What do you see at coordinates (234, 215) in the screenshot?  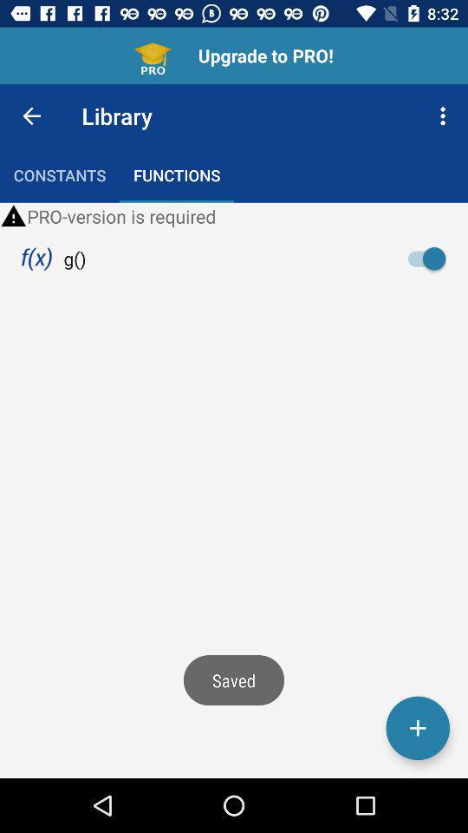 I see `pro version is item` at bounding box center [234, 215].